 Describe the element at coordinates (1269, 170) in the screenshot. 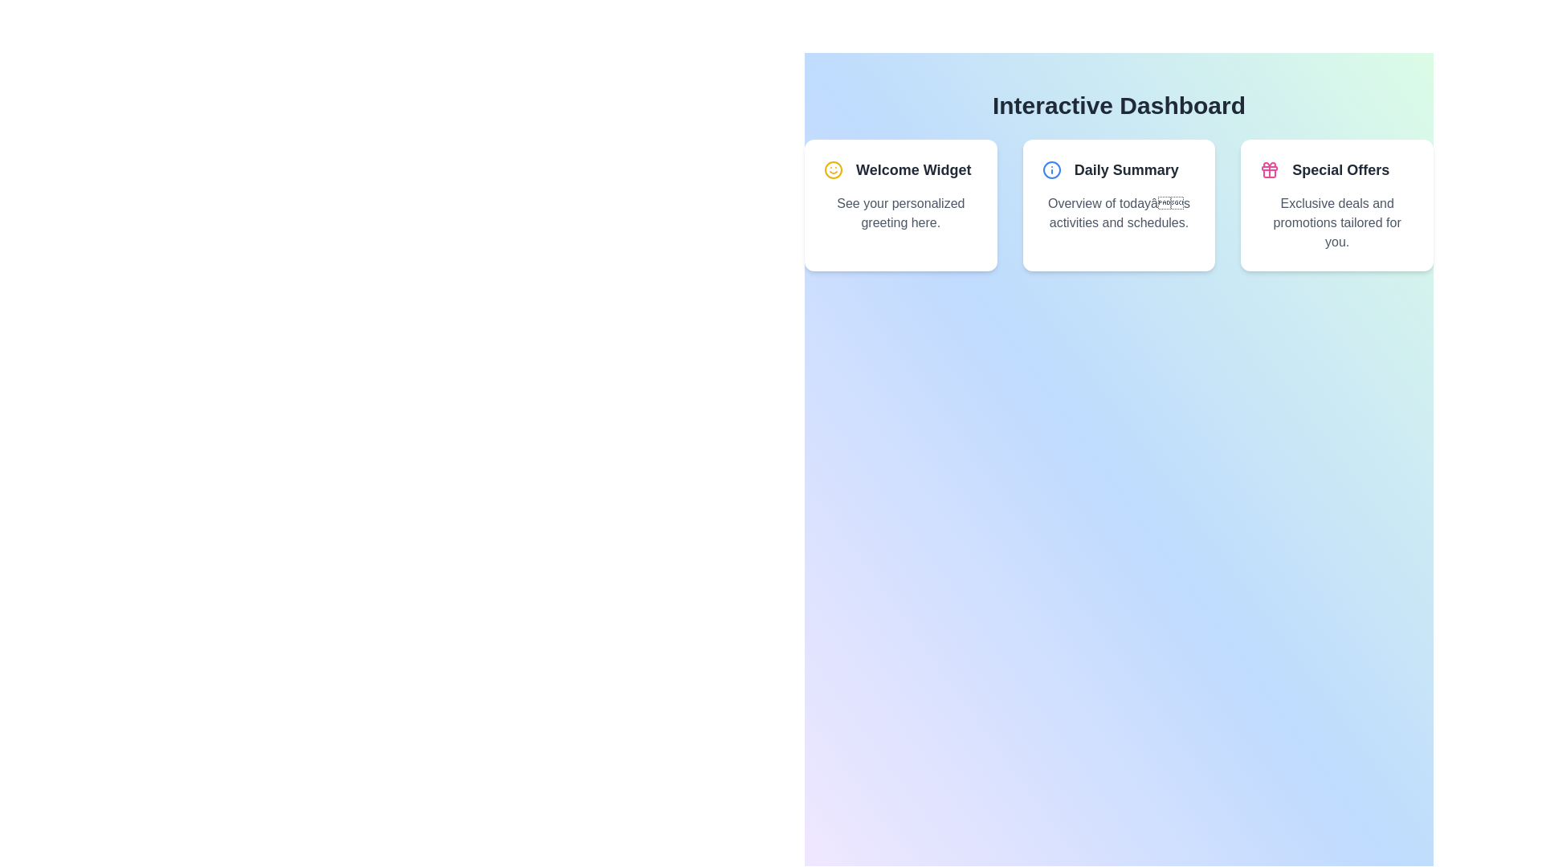

I see `the 'Special Offers' icon located to the left of the 'Special Offers' text within the rightmost card under the 'Interactive Dashboard' header` at that location.